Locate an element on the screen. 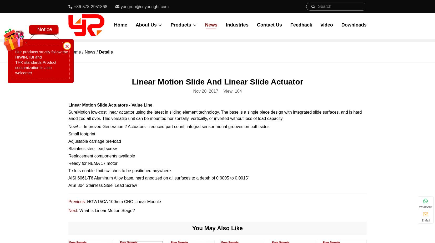 The height and width of the screenshot is (243, 435). 'Previous:' is located at coordinates (77, 202).